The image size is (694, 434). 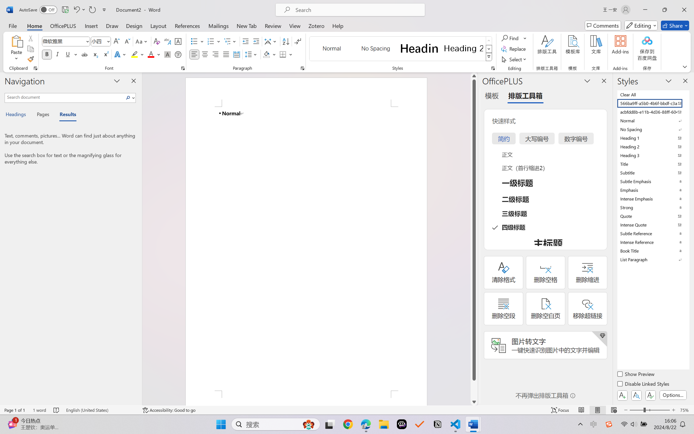 I want to click on 'Options...', so click(x=672, y=395).